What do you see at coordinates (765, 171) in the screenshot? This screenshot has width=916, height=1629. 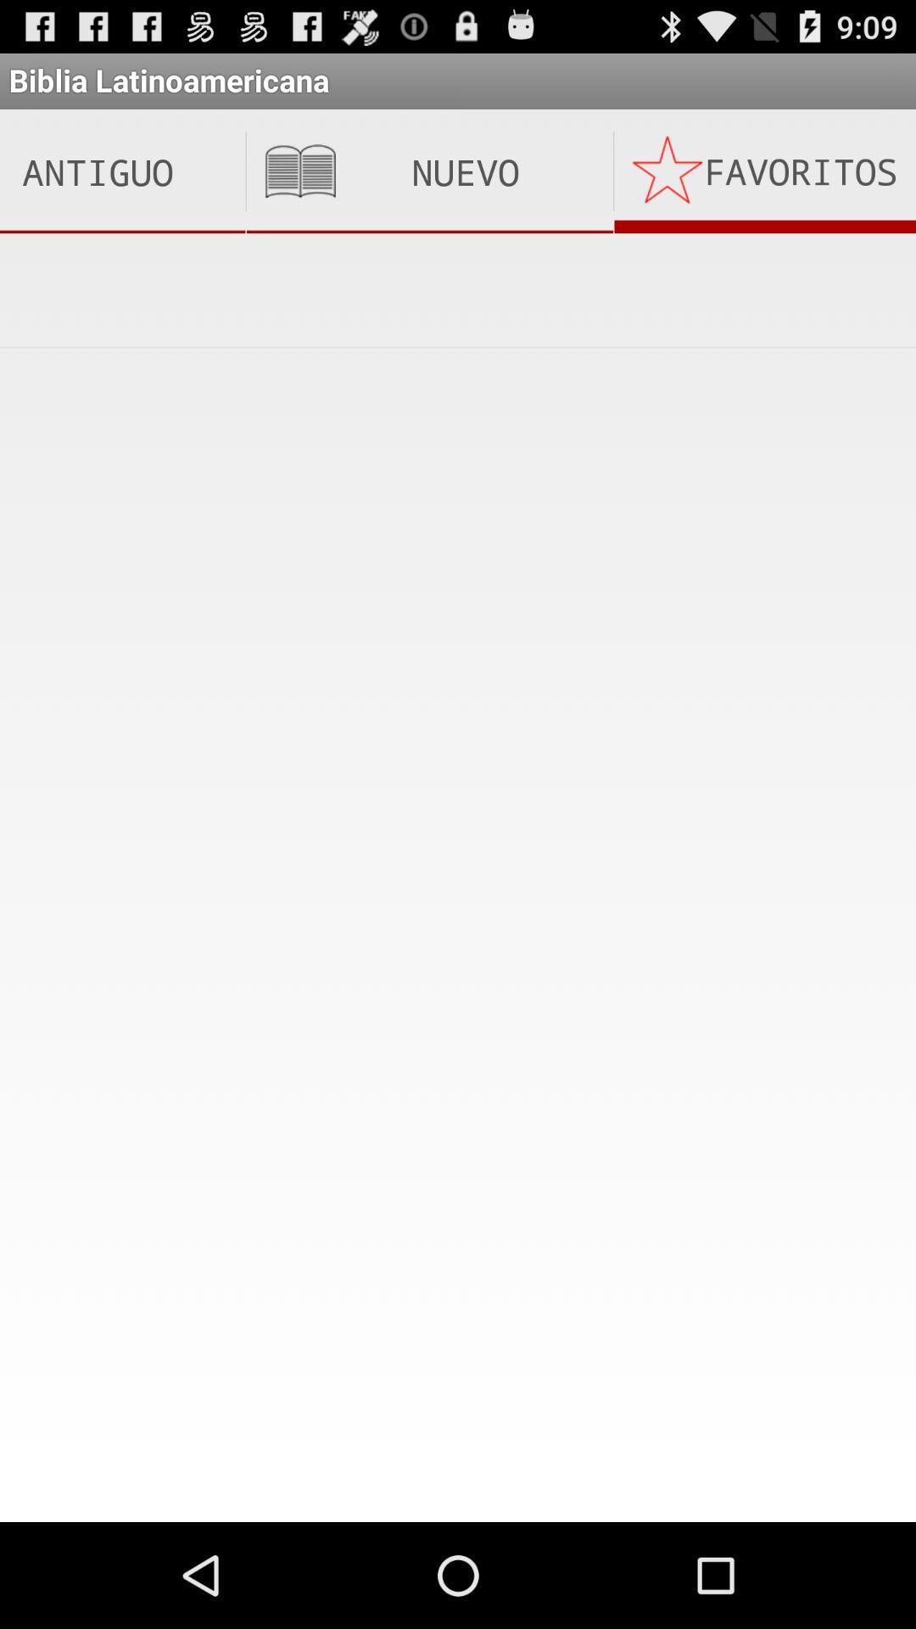 I see `the item at the top right corner` at bounding box center [765, 171].